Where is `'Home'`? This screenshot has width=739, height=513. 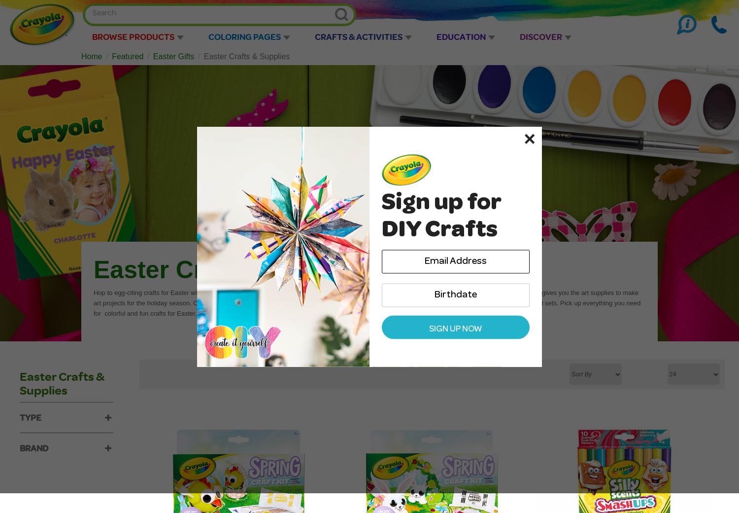 'Home' is located at coordinates (92, 56).